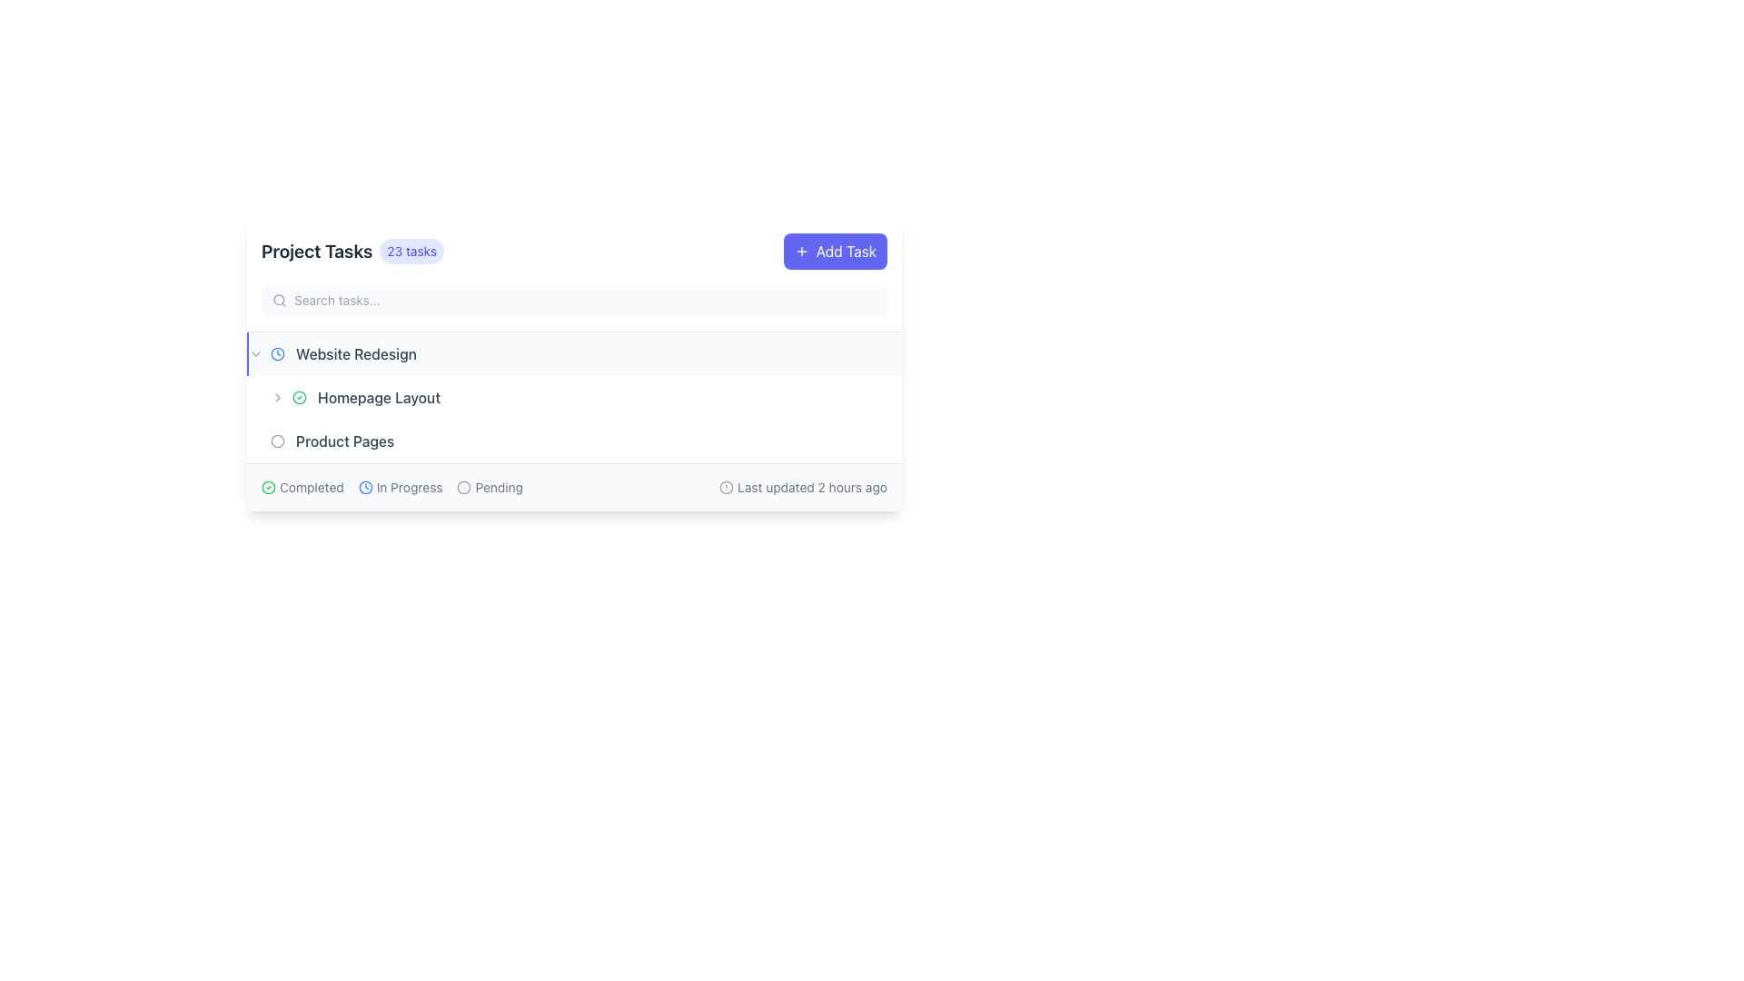 The height and width of the screenshot is (981, 1744). Describe the element at coordinates (352, 252) in the screenshot. I see `task summary displayed in the text label located in the top-left section of the interface, within the header-like bar` at that location.